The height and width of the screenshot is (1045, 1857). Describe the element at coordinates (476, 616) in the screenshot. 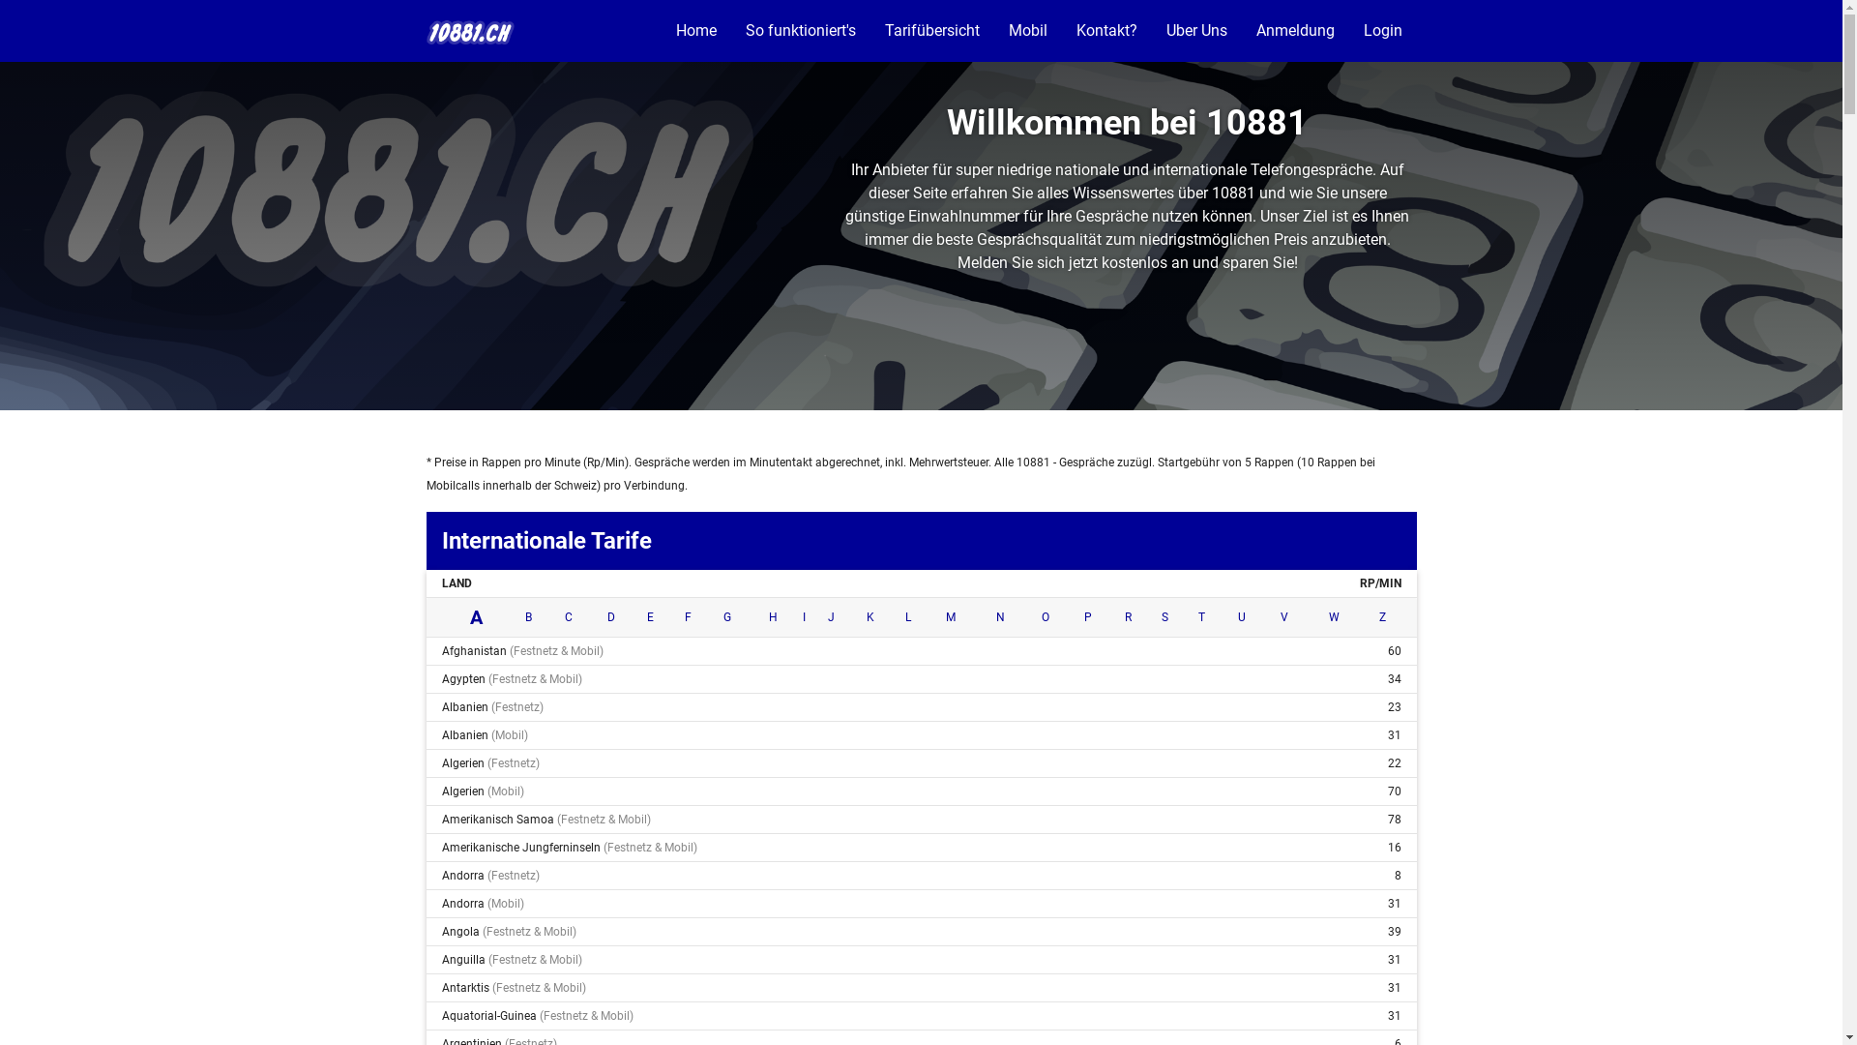

I see `'A'` at that location.